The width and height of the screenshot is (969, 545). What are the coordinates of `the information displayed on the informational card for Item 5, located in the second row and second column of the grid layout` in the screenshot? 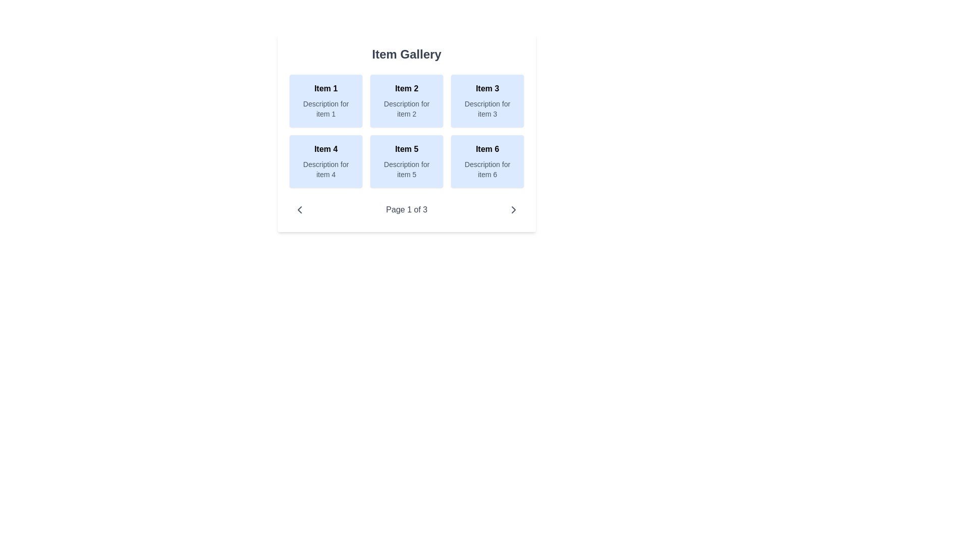 It's located at (407, 161).